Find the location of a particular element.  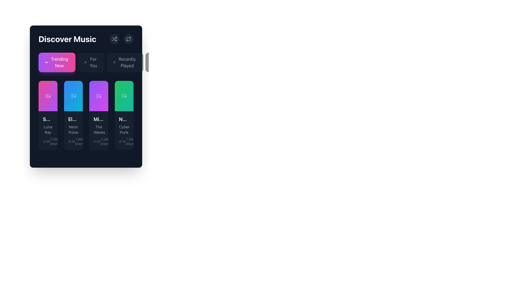

the text label that serves as the title for the song or content, positioned within the fourth card, above the subtitle 'Cyber Punk' and playback information '4:101.2M plays' is located at coordinates (124, 119).